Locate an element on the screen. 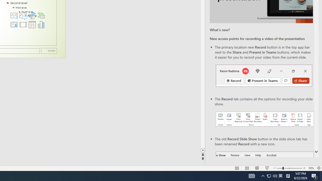 Image resolution: width=322 pixels, height=181 pixels. 'Insert Cameo' is located at coordinates (14, 24).